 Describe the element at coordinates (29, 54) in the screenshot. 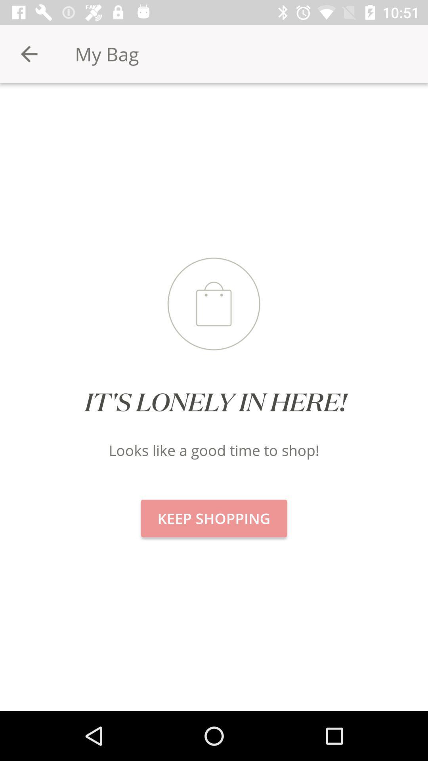

I see `item above it s lonely` at that location.